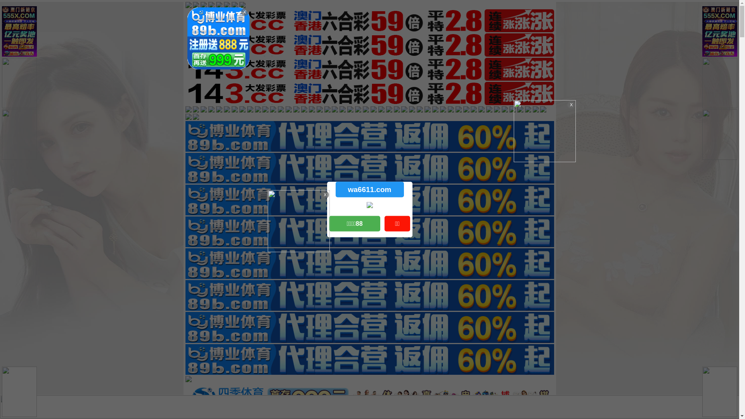 This screenshot has width=745, height=419. Describe the element at coordinates (369, 189) in the screenshot. I see `'wa6611.com'` at that location.